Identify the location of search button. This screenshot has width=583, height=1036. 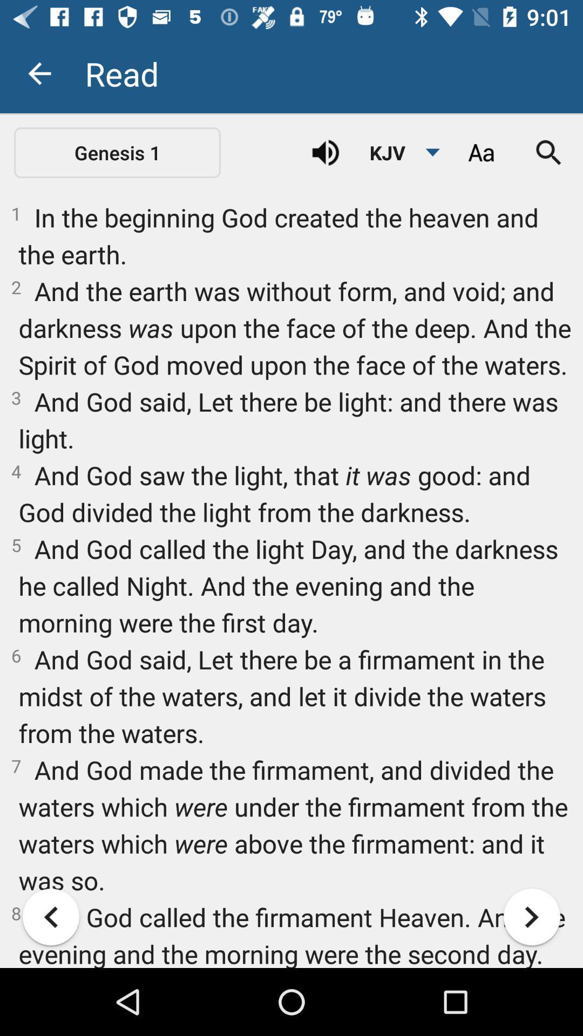
(549, 152).